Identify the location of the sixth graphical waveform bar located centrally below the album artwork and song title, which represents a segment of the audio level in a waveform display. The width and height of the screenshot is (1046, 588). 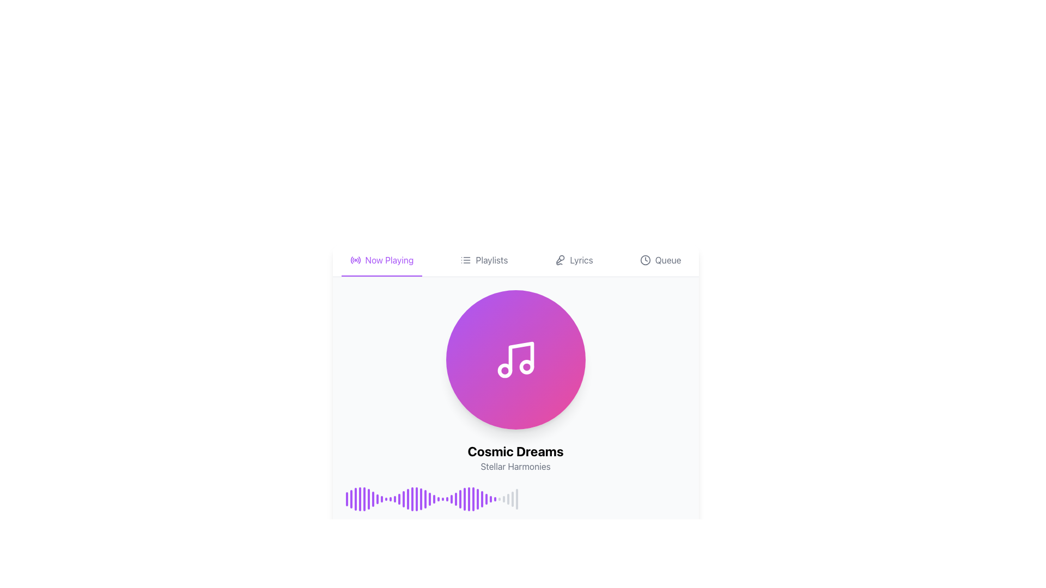
(368, 499).